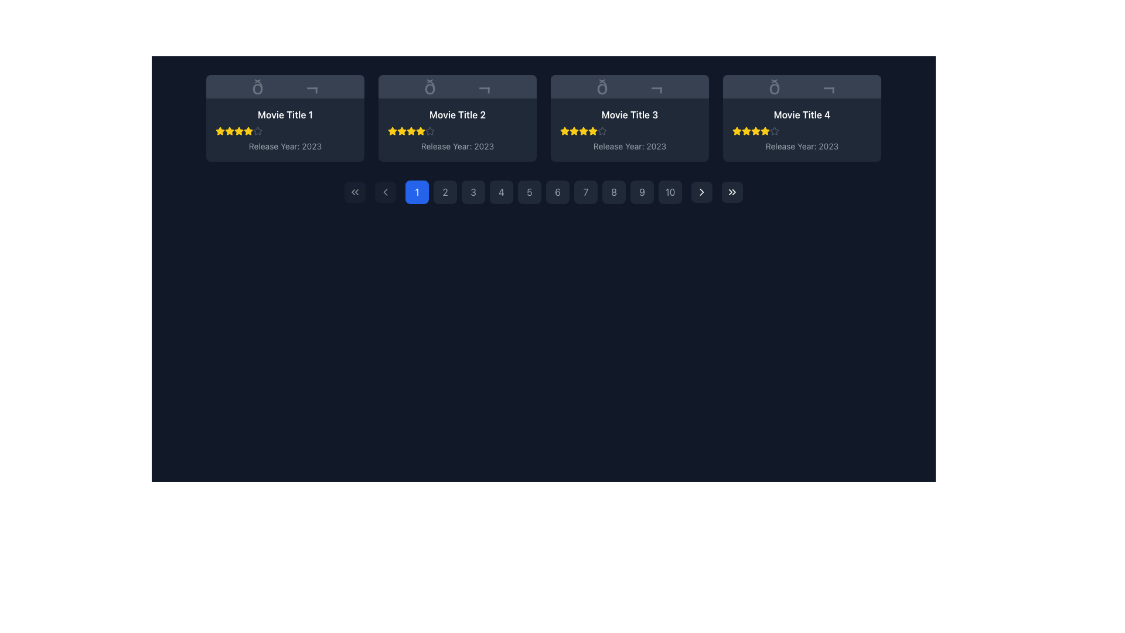  Describe the element at coordinates (765, 131) in the screenshot. I see `the yellow star-shaped rating icon located below the title text 'Movie Title 4' in the fourth card of the horizontal row` at that location.